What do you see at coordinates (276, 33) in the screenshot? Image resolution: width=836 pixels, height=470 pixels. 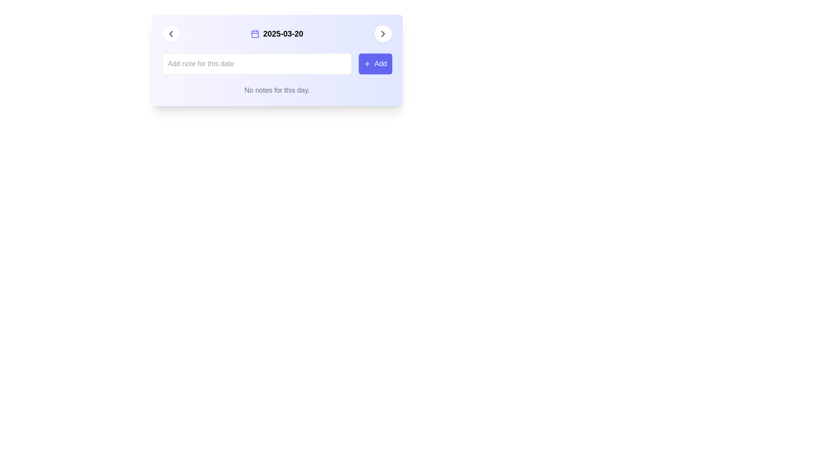 I see `the centered static text displaying the date '2025-03-20' with a calendar icon to its left, located at the top-center of a rectangular card panel` at bounding box center [276, 33].